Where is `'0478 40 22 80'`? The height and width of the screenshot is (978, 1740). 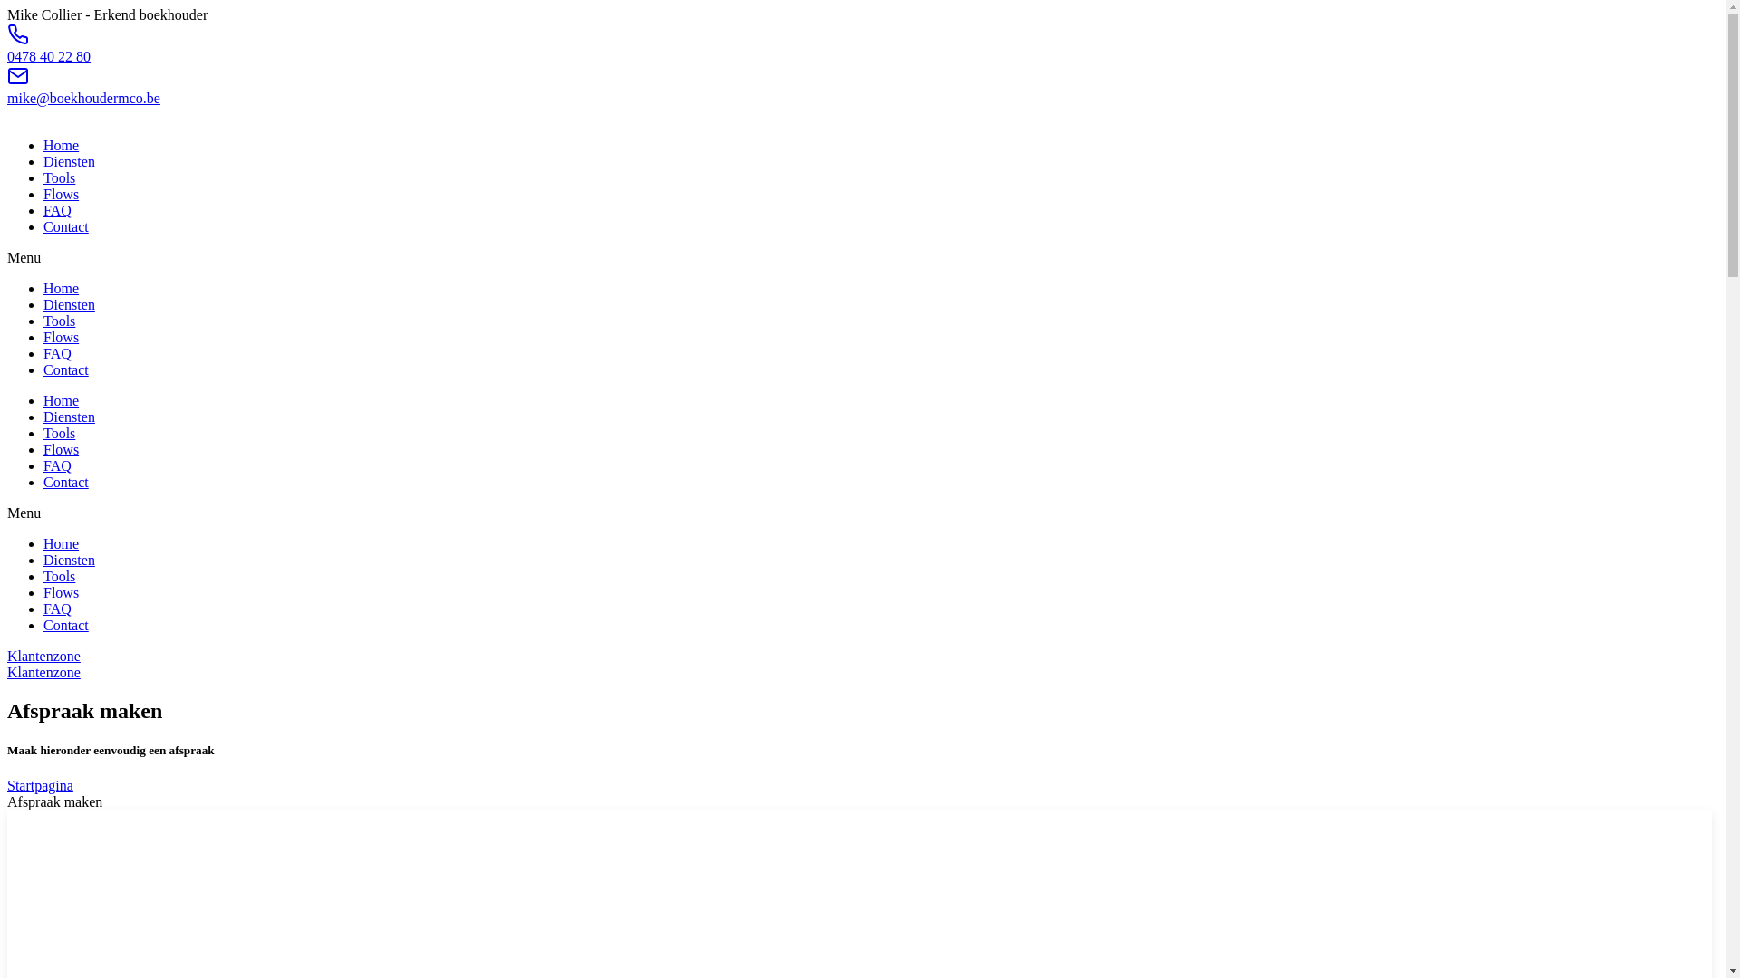
'0478 40 22 80' is located at coordinates (48, 55).